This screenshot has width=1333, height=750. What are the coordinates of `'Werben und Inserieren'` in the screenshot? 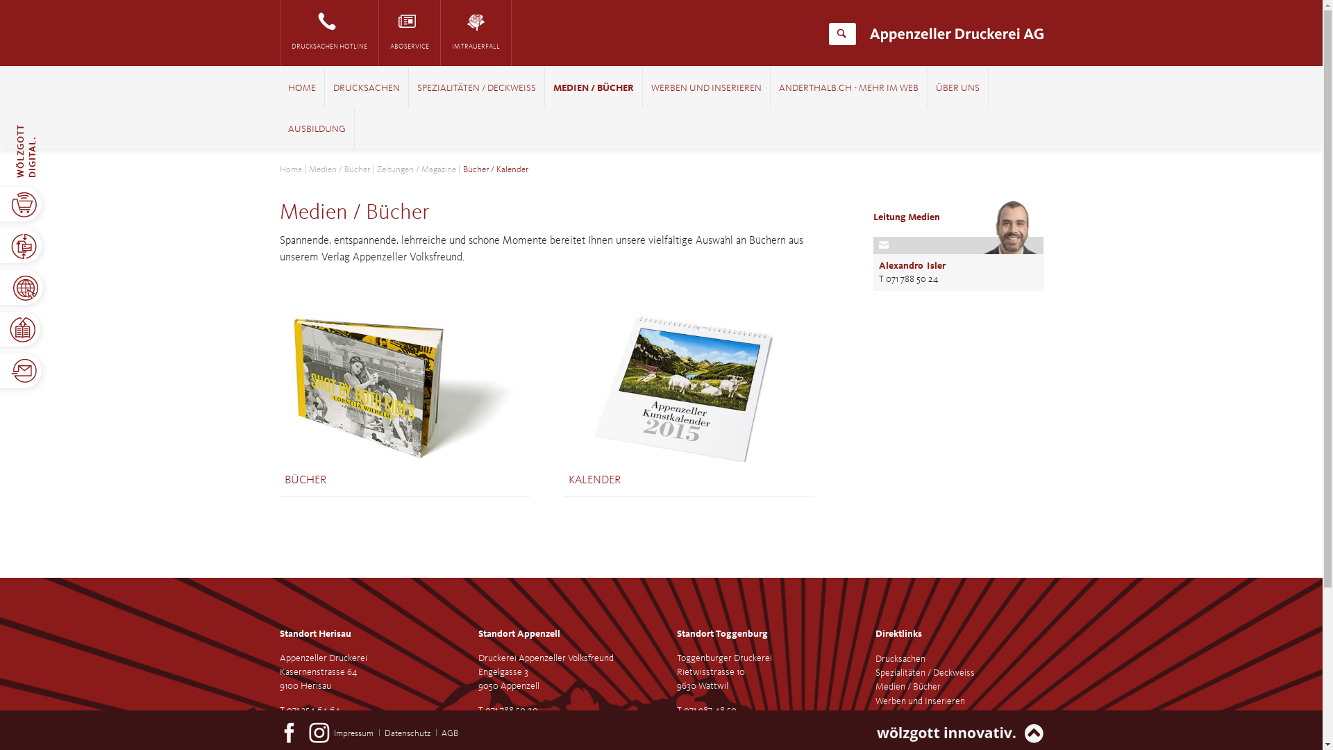 It's located at (873, 701).